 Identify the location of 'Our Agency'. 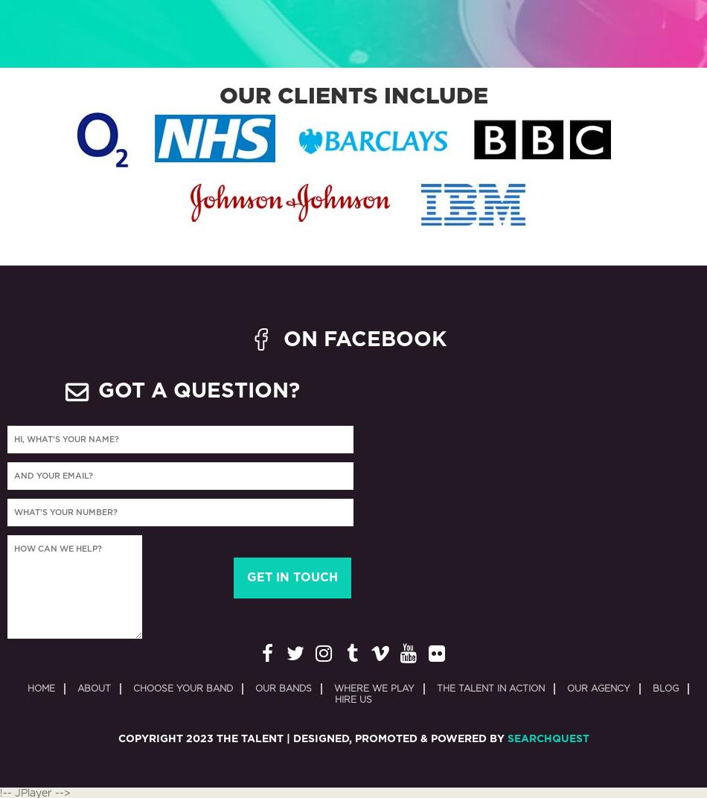
(597, 689).